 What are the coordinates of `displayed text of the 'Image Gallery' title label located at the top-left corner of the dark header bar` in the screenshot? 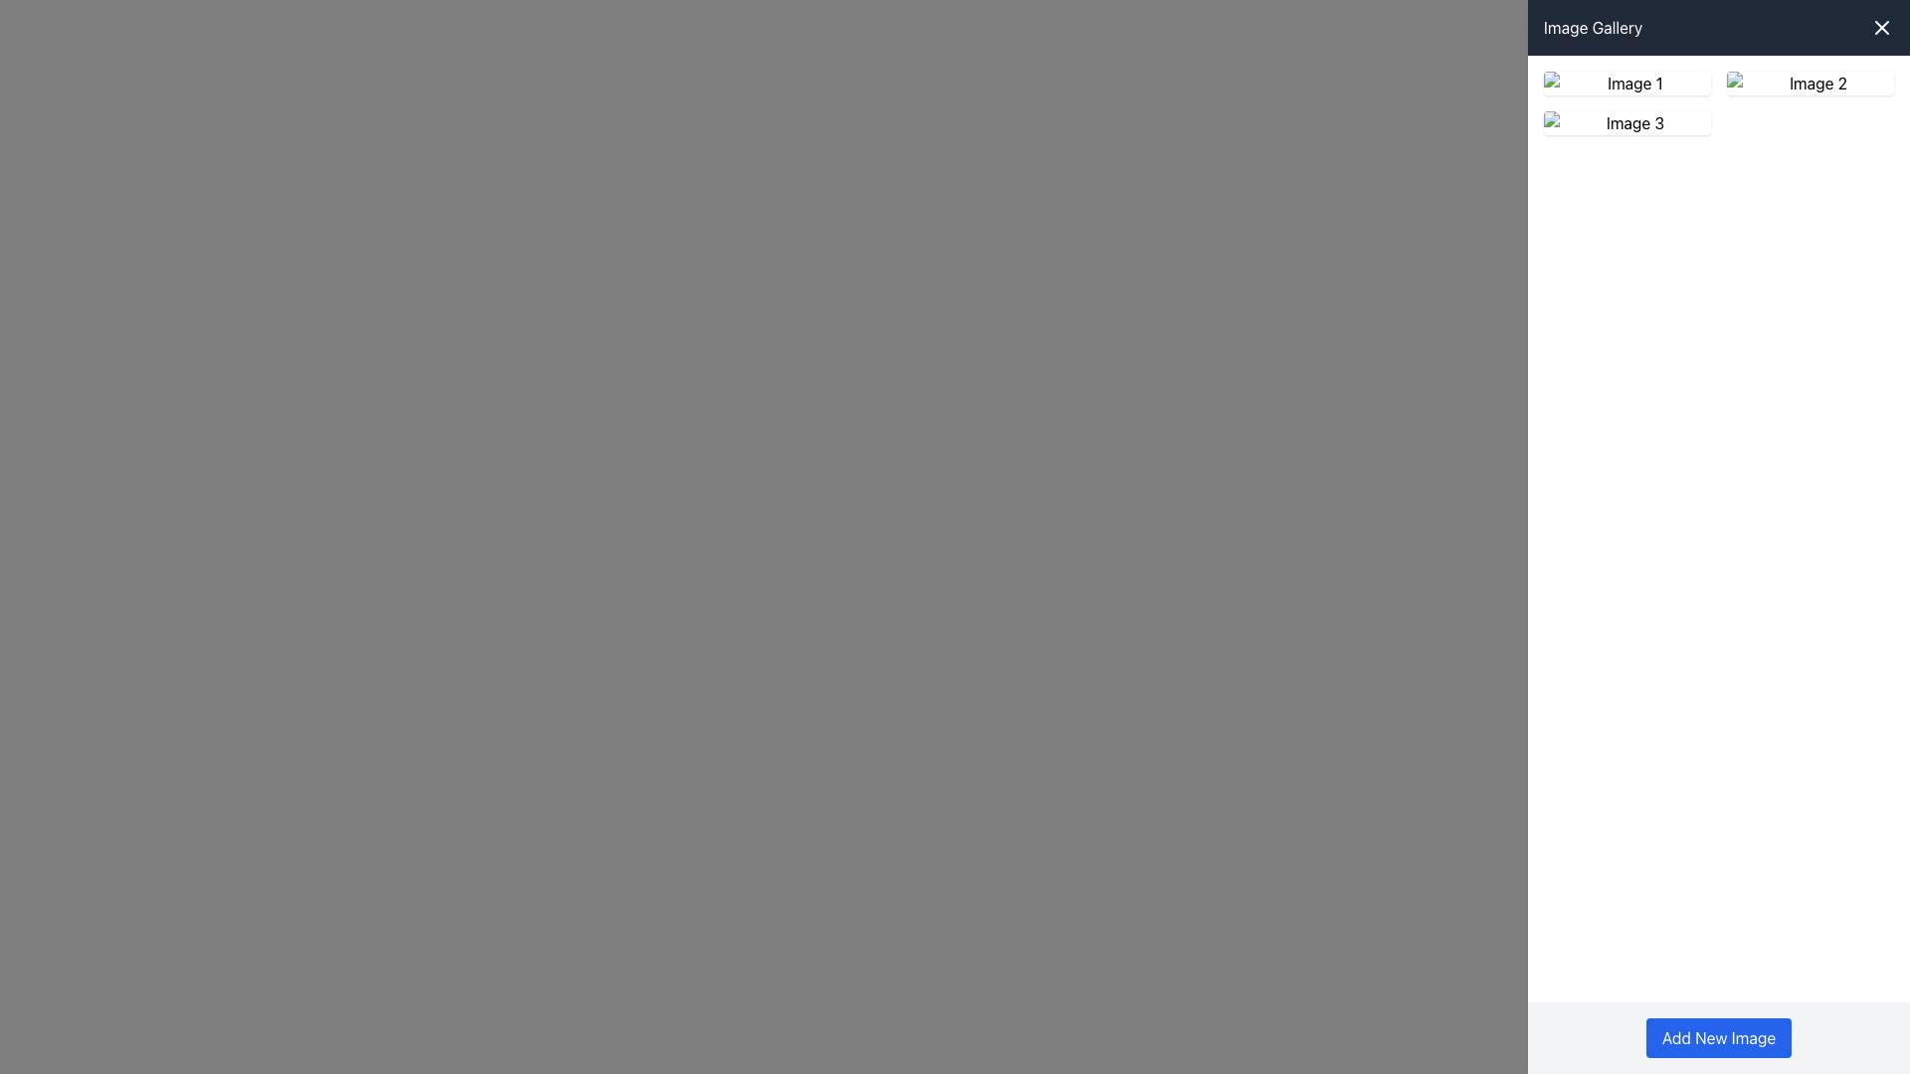 It's located at (1593, 27).